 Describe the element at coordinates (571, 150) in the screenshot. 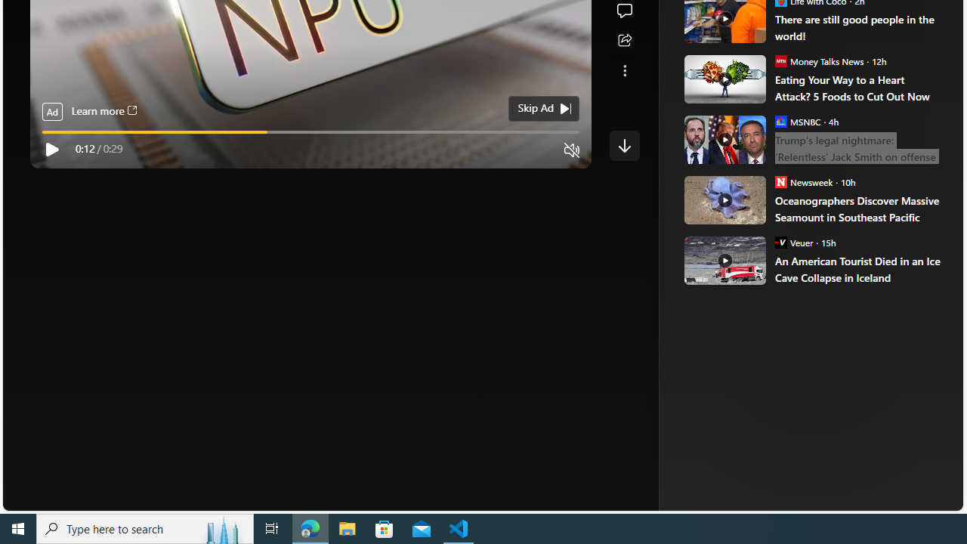

I see `'Unmute'` at that location.